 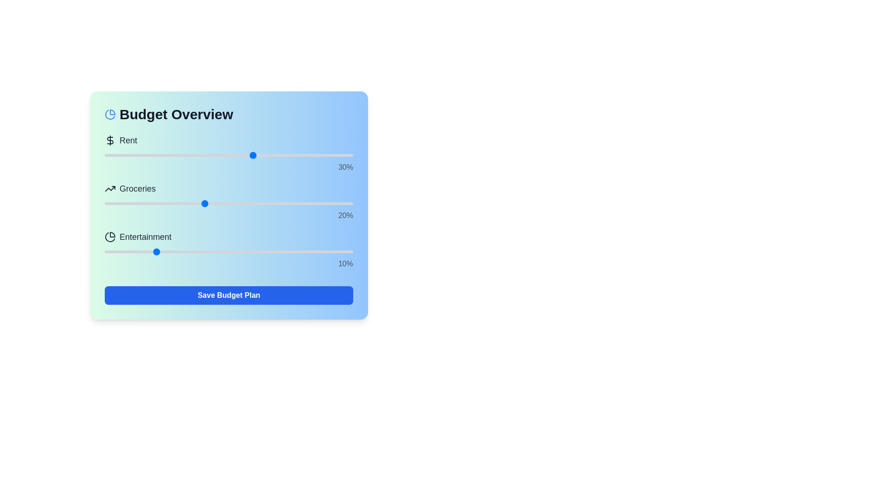 I want to click on the 'Entertainment' slider, so click(x=139, y=252).